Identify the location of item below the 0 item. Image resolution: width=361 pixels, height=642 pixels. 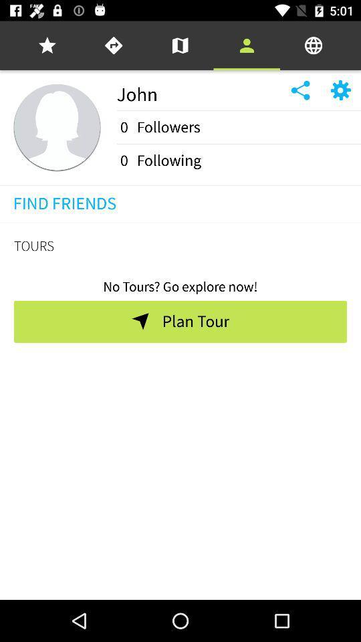
(238, 144).